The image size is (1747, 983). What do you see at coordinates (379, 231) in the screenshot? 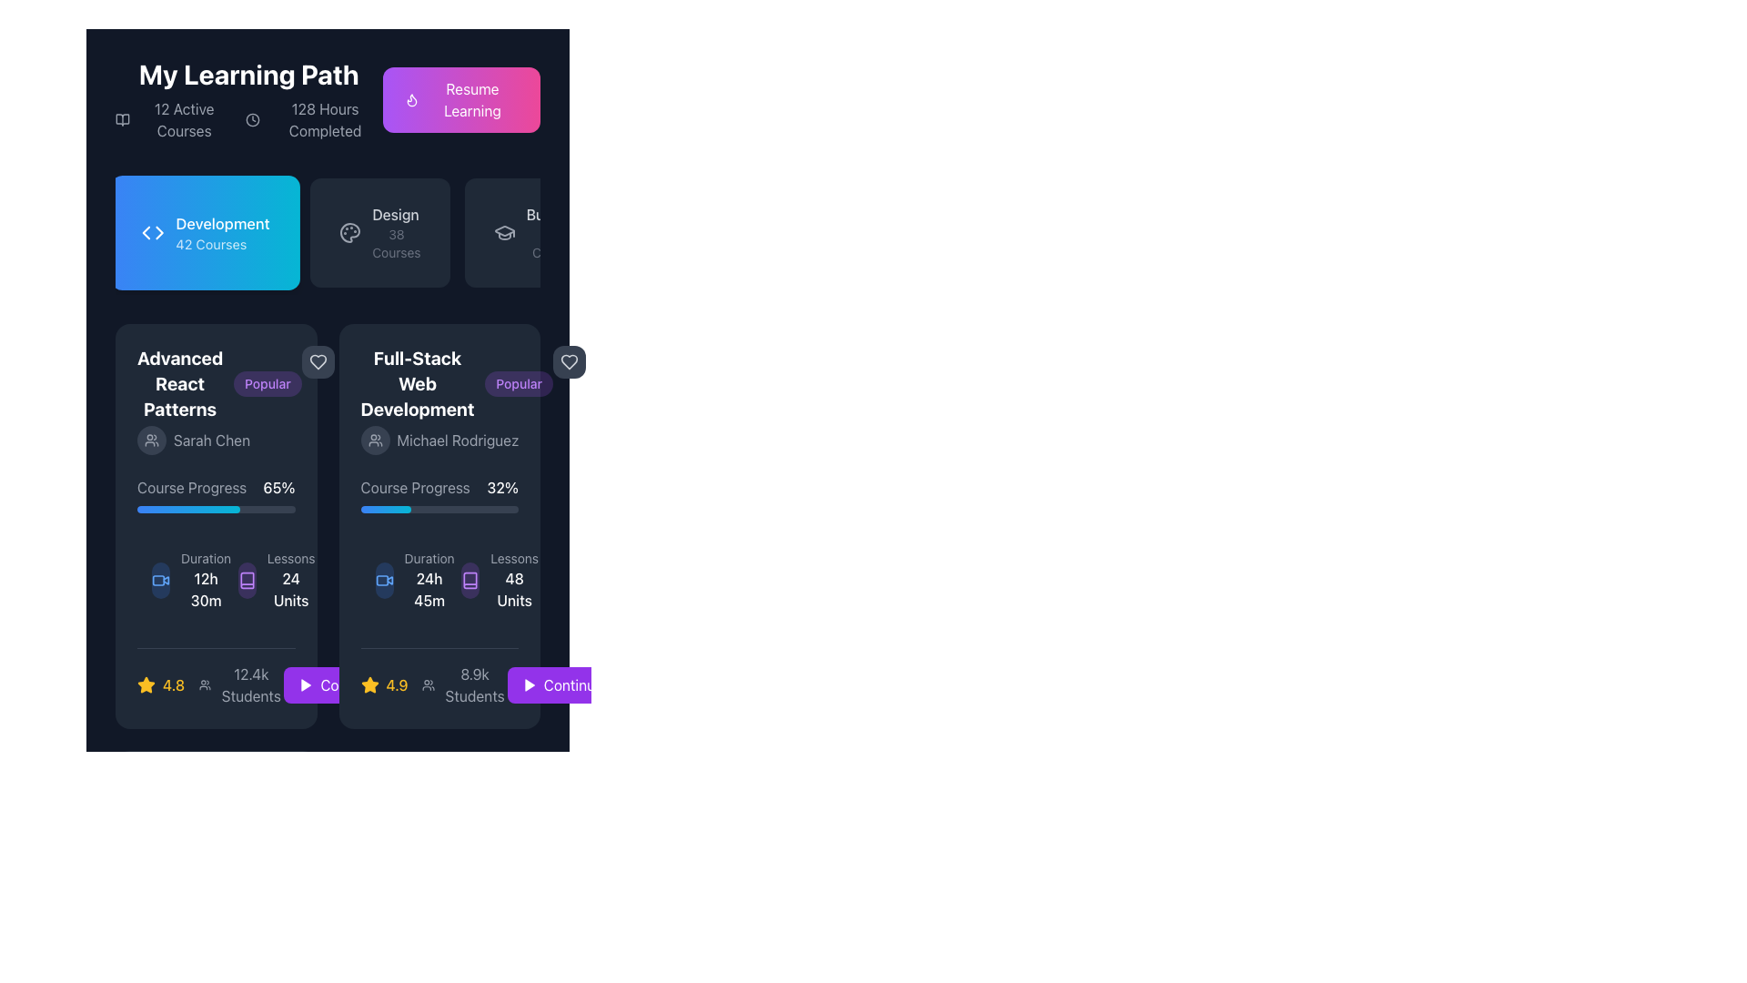
I see `the second button in the horizontal list, which directs users to the courses related to 'Design'` at bounding box center [379, 231].